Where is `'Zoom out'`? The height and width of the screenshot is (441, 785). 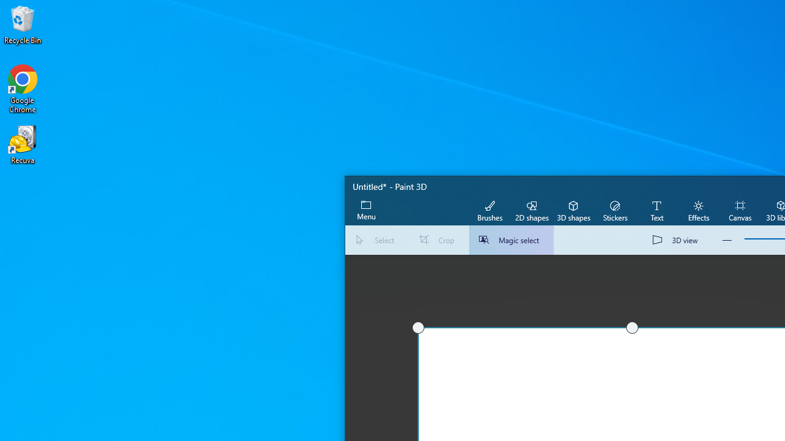 'Zoom out' is located at coordinates (727, 240).